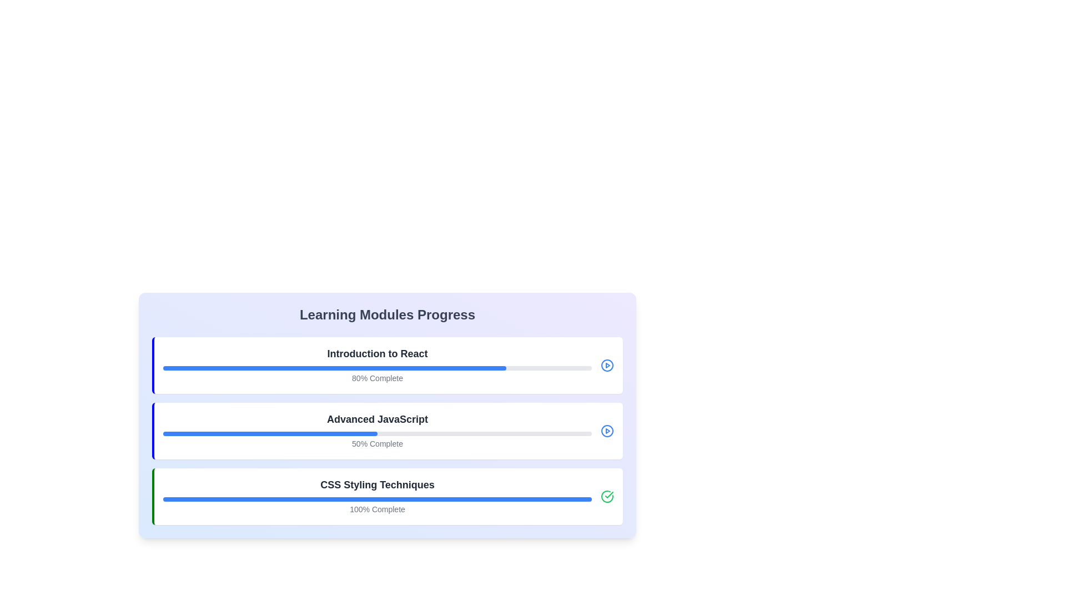  Describe the element at coordinates (387, 430) in the screenshot. I see `progress status from the progress tracker card labeled 'Advanced JavaScript', which is the second card in a vertical stack of progress cards` at that location.